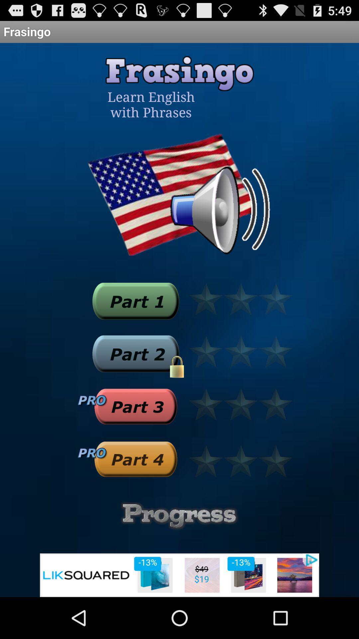 This screenshot has width=359, height=639. I want to click on choose part 3, so click(135, 406).